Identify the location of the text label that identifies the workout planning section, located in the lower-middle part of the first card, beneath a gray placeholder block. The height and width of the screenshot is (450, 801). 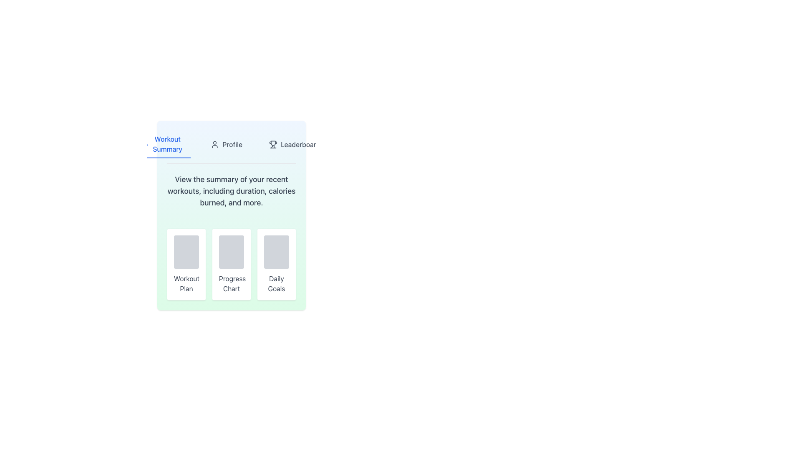
(186, 283).